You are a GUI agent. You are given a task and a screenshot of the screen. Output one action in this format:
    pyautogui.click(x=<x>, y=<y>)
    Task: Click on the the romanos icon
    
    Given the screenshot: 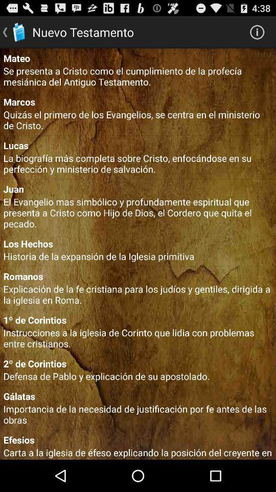 What is the action you would take?
    pyautogui.click(x=138, y=276)
    